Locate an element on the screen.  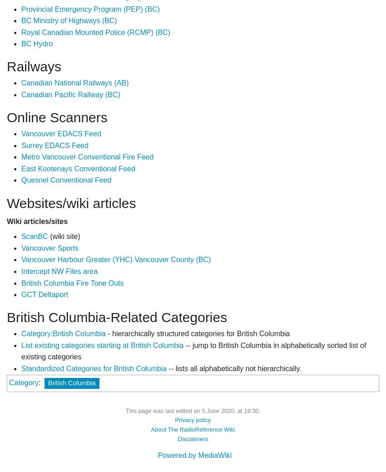
'Intercept NW Files area' is located at coordinates (59, 271).